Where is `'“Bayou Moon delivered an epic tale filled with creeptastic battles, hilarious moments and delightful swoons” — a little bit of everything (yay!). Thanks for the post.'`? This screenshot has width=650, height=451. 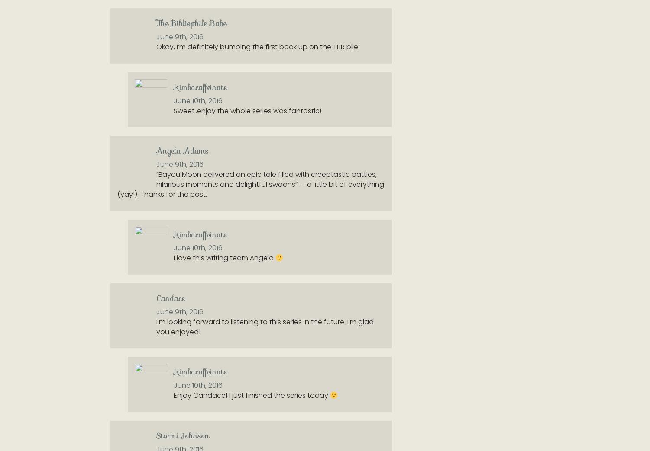
'“Bayou Moon delivered an epic tale filled with creeptastic battles, hilarious moments and delightful swoons” — a little bit of everything (yay!). Thanks for the post.' is located at coordinates (250, 184).